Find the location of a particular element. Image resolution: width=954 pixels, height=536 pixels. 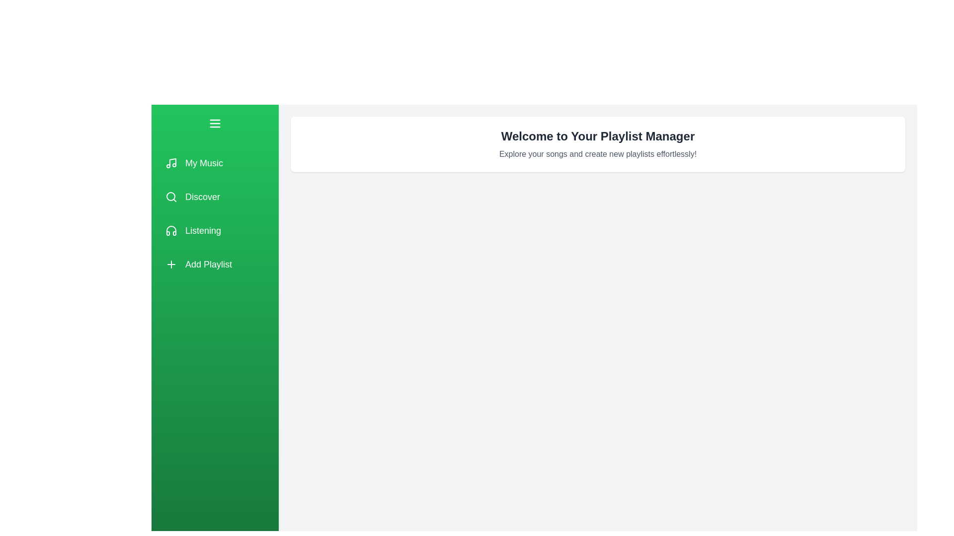

the playlist option labeled Discover is located at coordinates (214, 197).